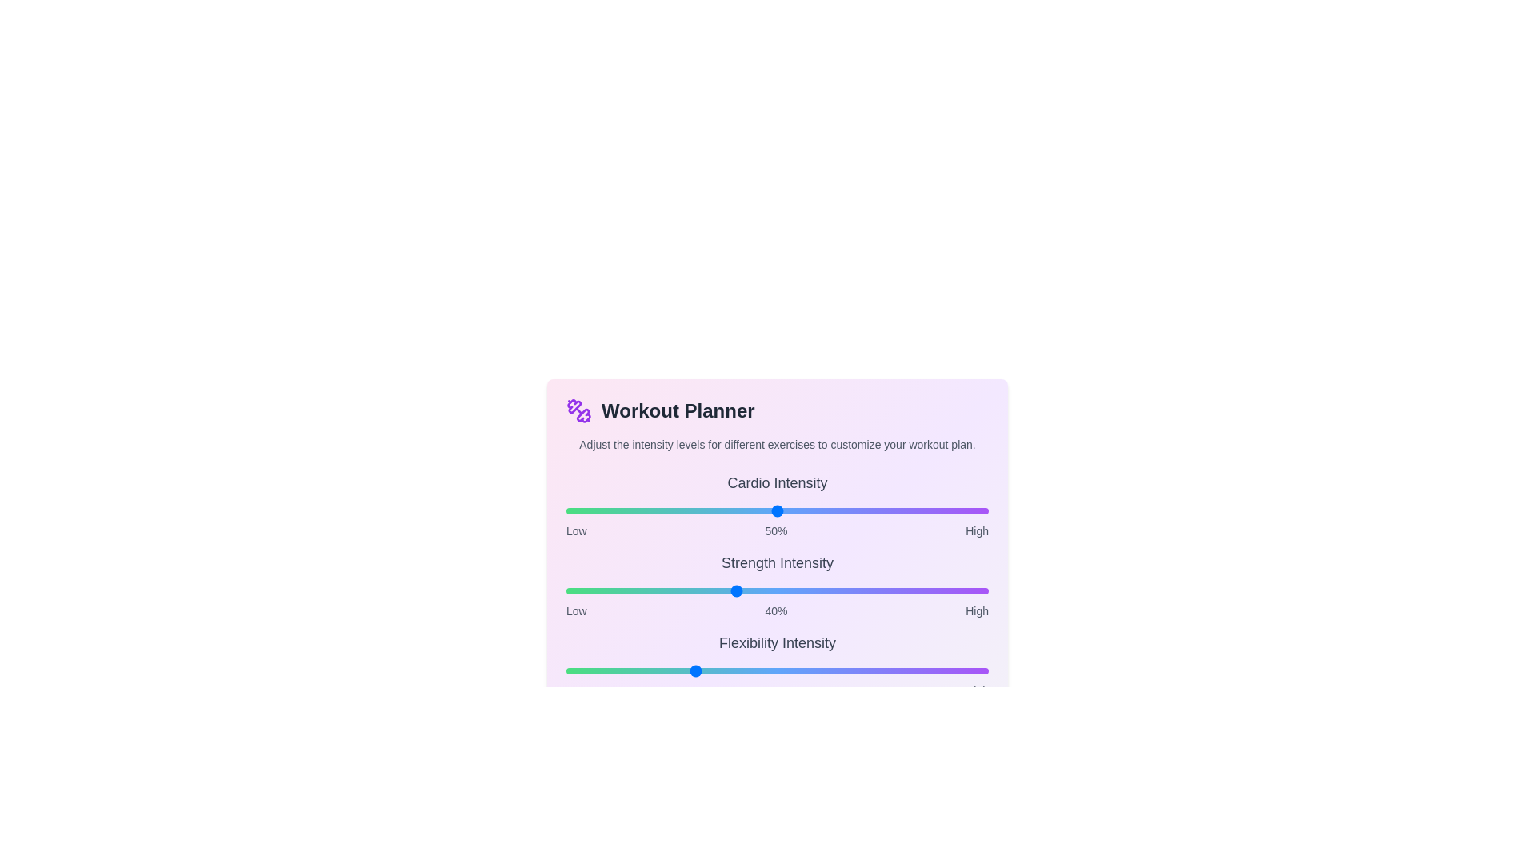 This screenshot has height=864, width=1536. I want to click on the intensity of the 1 slider to 85%, so click(925, 591).